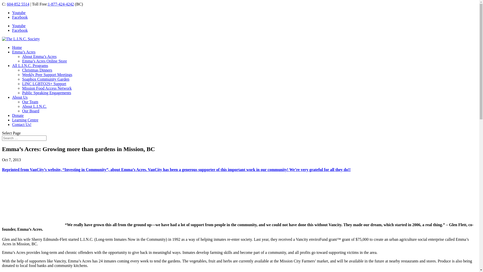 Image resolution: width=483 pixels, height=272 pixels. I want to click on 'All L.I.N.C. Programs', so click(30, 65).